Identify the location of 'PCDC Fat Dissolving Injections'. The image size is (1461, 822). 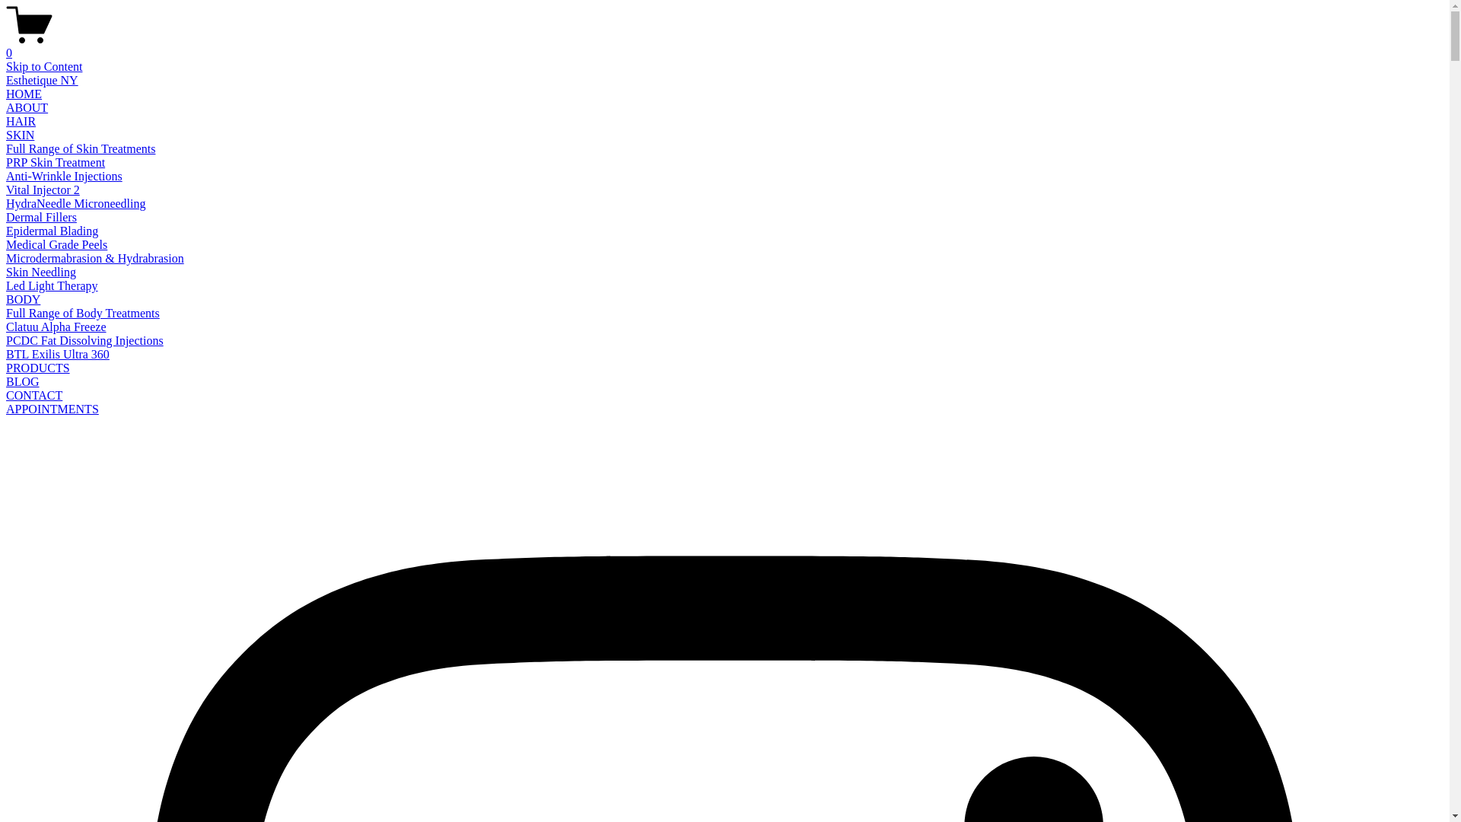
(6, 339).